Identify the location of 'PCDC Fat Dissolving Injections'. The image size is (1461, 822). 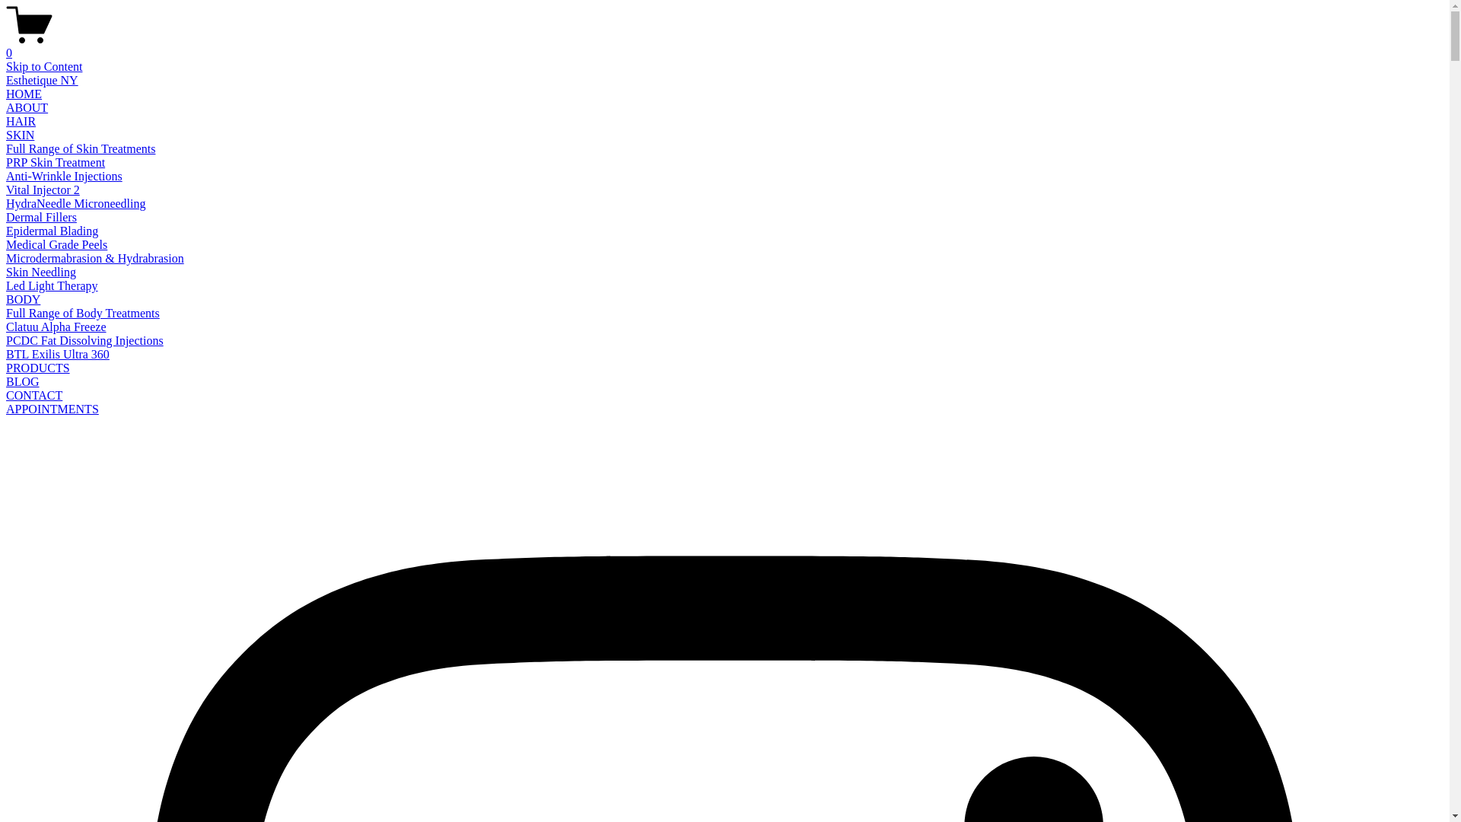
(6, 339).